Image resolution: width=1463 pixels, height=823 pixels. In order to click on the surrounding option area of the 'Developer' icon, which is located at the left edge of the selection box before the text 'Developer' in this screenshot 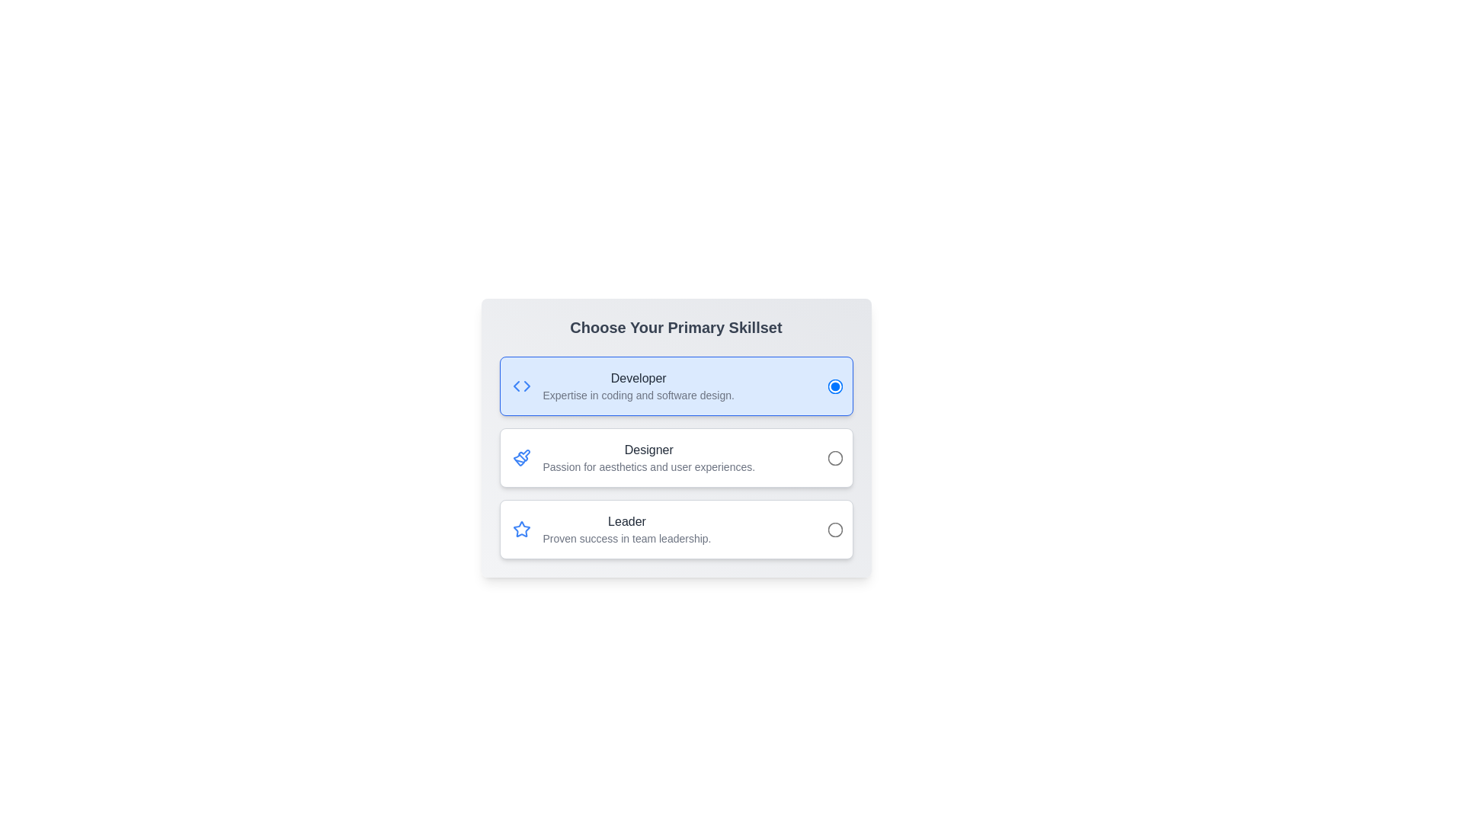, I will do `click(521, 385)`.